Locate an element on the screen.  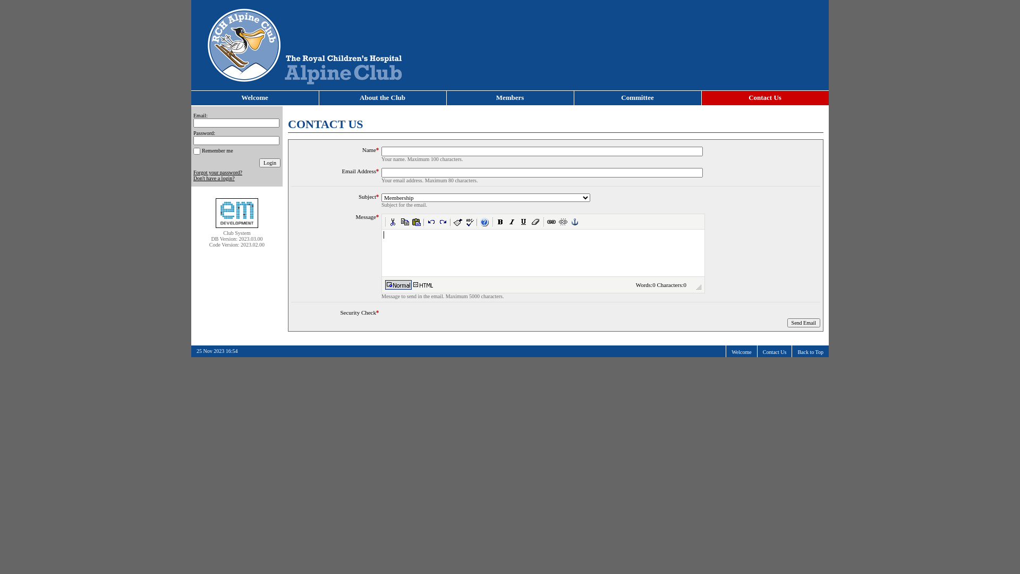
'Don't have a login?' is located at coordinates (214, 178).